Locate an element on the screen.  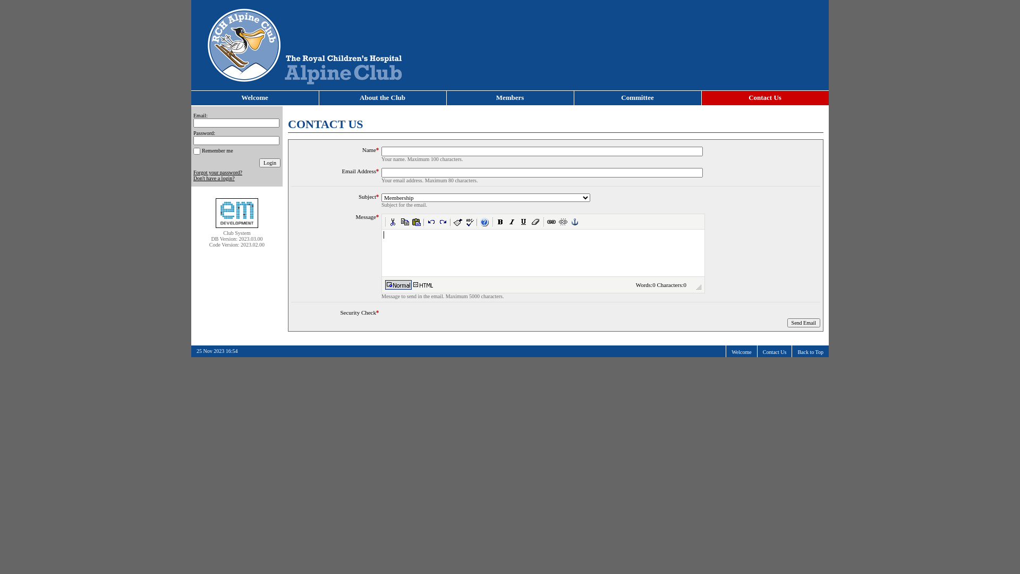
'Don't have a login?' is located at coordinates (214, 178).